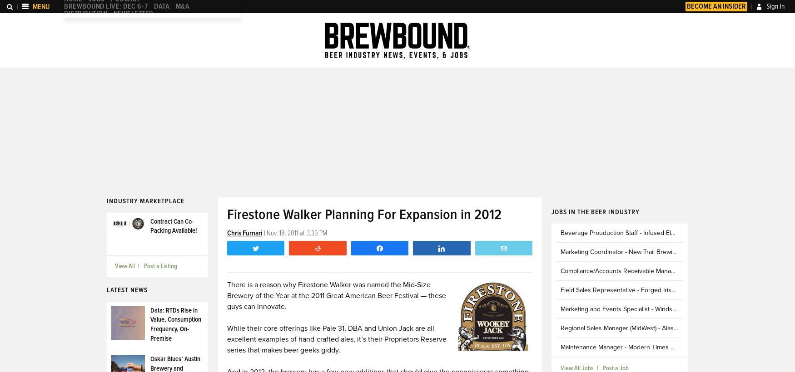 This screenshot has height=372, width=795. What do you see at coordinates (686, 6) in the screenshot?
I see `'Become an Insider'` at bounding box center [686, 6].